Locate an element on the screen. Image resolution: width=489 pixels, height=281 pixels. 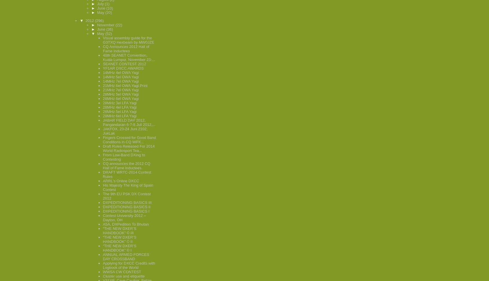
'Cluster use and etiquette' is located at coordinates (123, 276).